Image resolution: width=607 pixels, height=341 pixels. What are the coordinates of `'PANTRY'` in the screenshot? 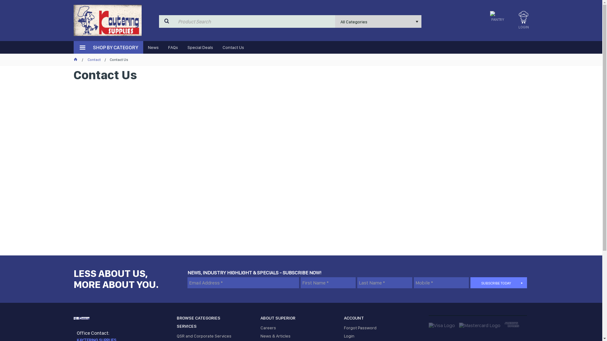 It's located at (497, 17).